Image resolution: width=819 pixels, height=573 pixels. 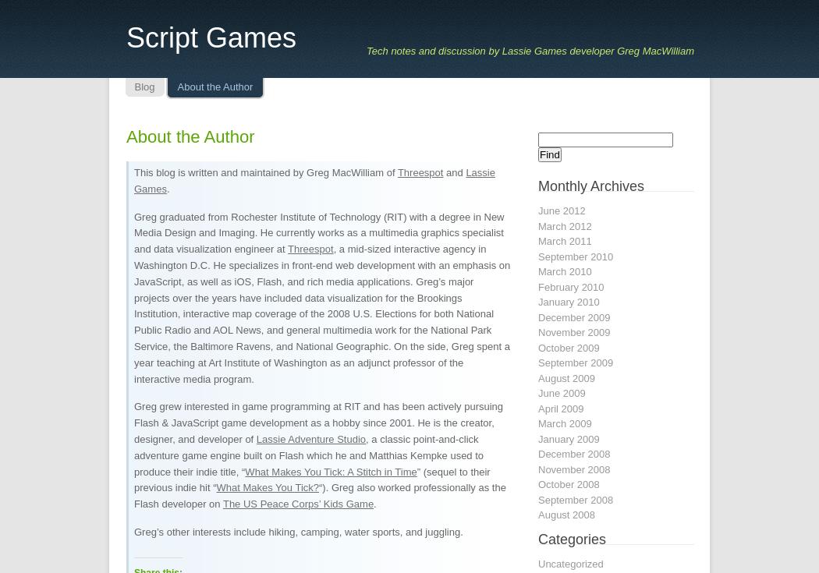 I want to click on 'March 2012', so click(x=563, y=225).